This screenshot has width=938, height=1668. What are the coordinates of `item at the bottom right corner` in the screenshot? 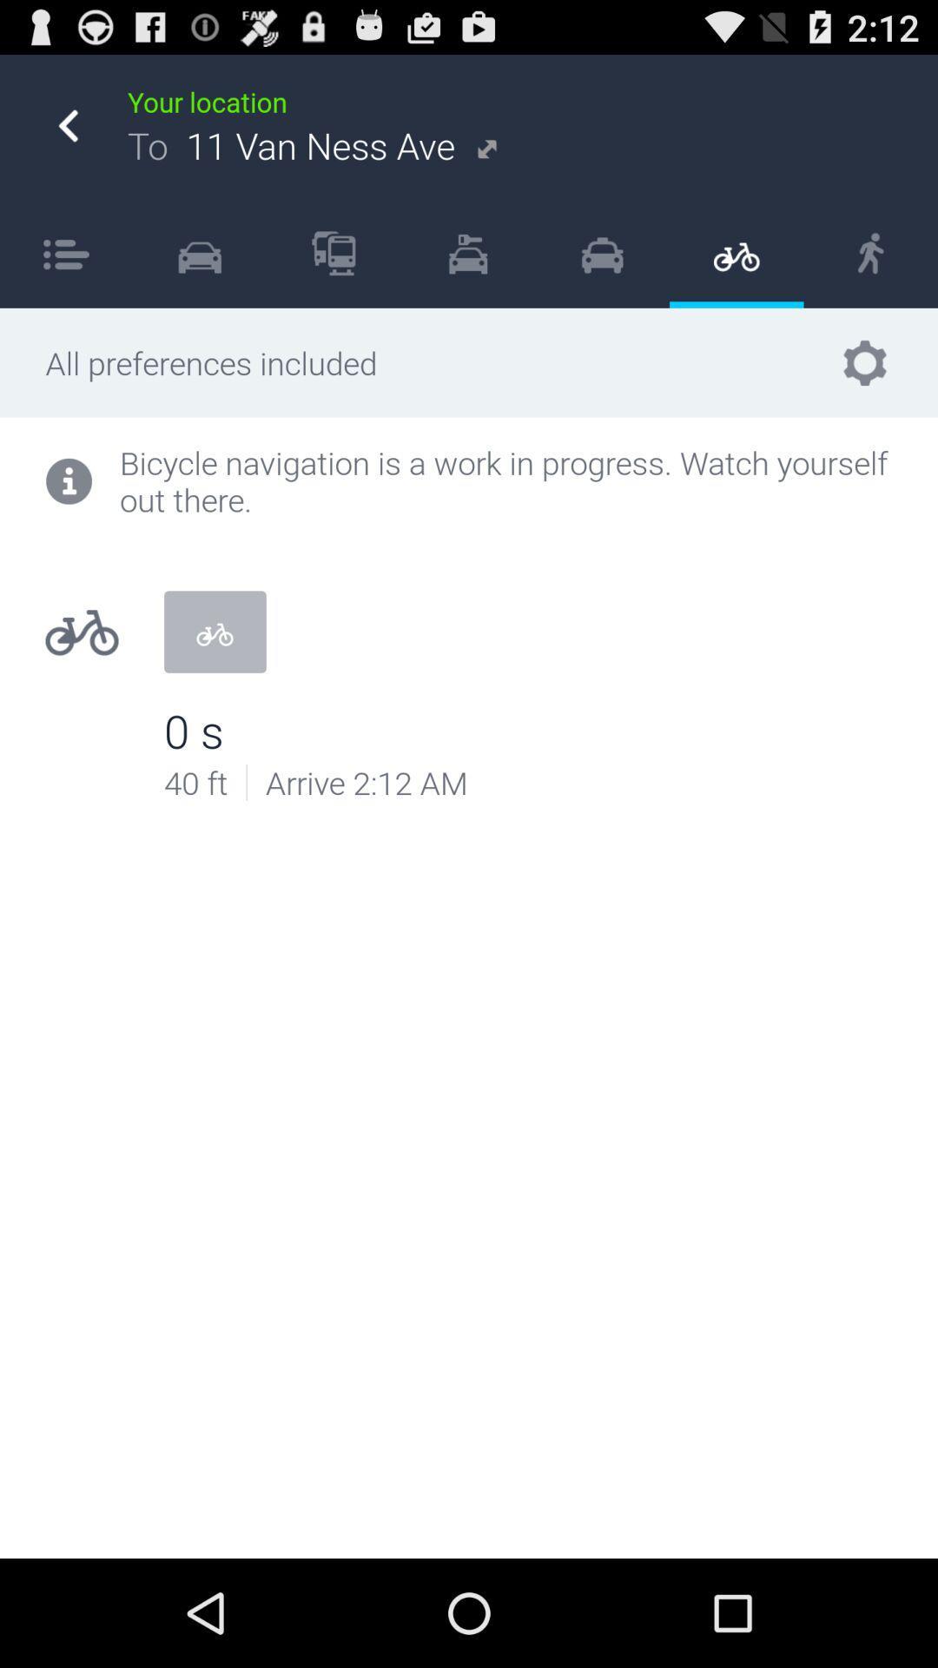 It's located at (874, 1493).